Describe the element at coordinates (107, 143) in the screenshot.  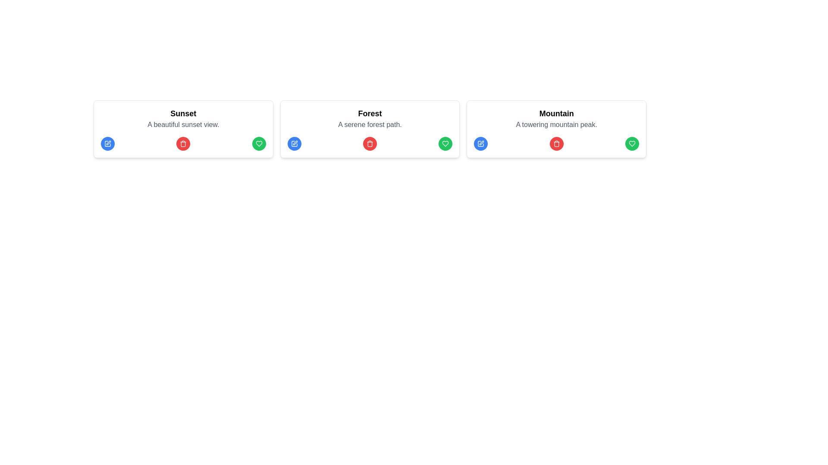
I see `the blue circular icon with a white outline and a pen drawing inside, located on the leftmost side of the 'Sunset' row` at that location.